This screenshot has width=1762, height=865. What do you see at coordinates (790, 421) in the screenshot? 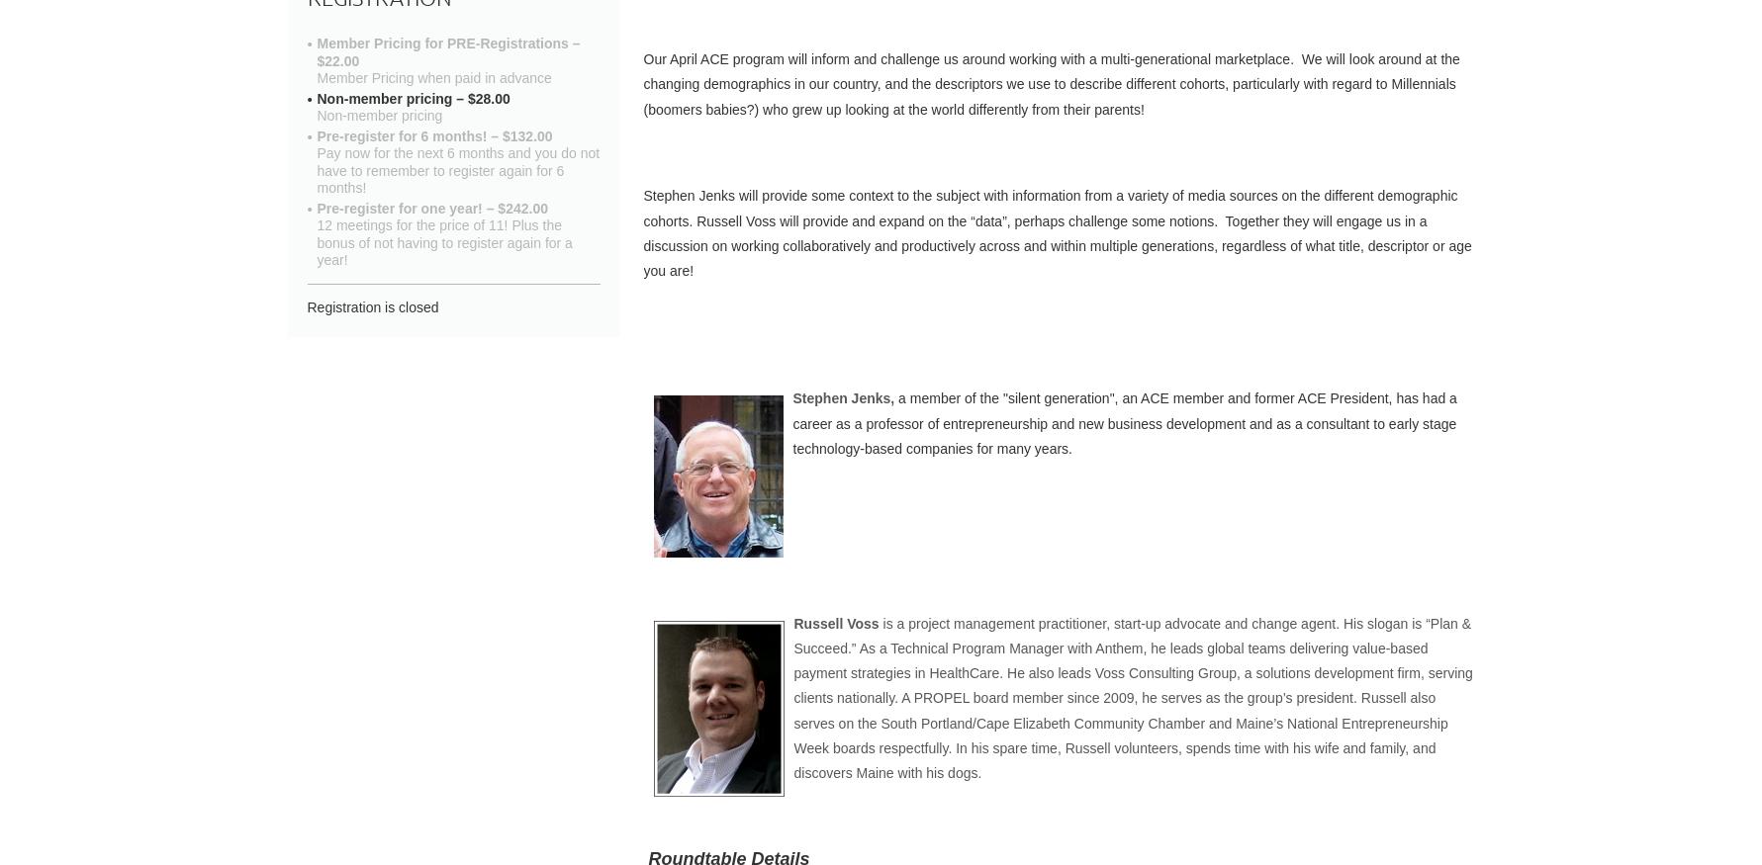
I see `'a member of the "silent generation", an ACE member and former ACE President, has had a career as a professor of entrepreneurship and new business development and as a consultant to early stage technology-based companies for many years.'` at bounding box center [790, 421].